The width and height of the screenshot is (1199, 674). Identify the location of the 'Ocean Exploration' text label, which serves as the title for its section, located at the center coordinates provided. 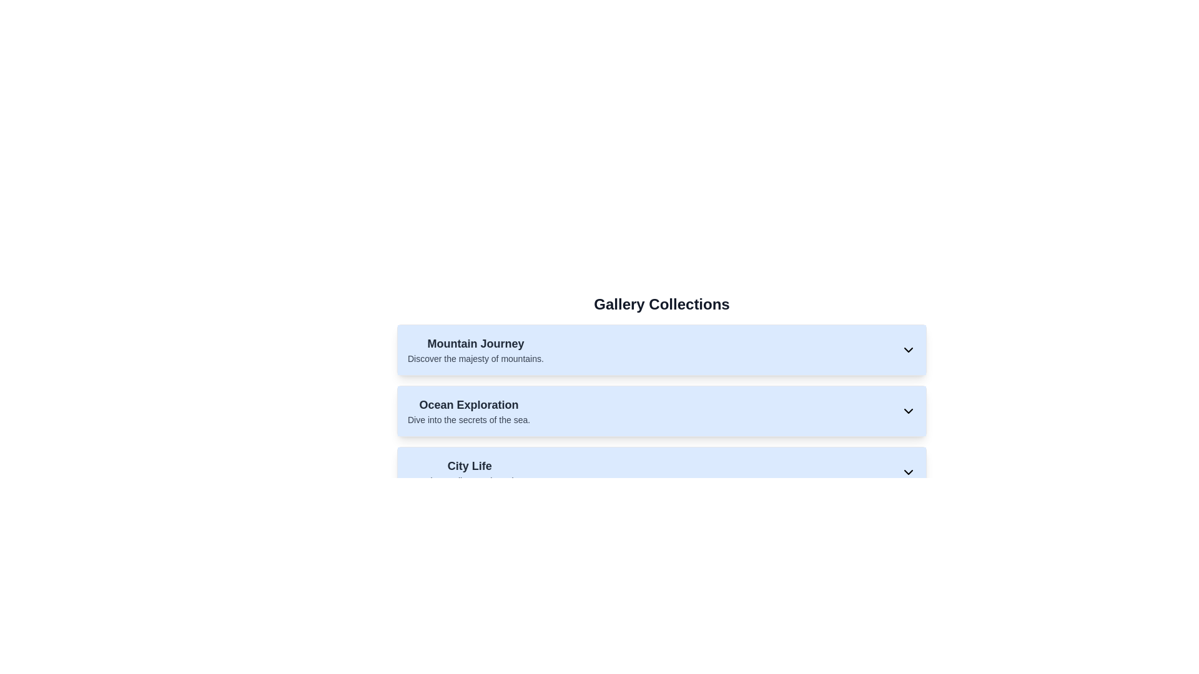
(468, 404).